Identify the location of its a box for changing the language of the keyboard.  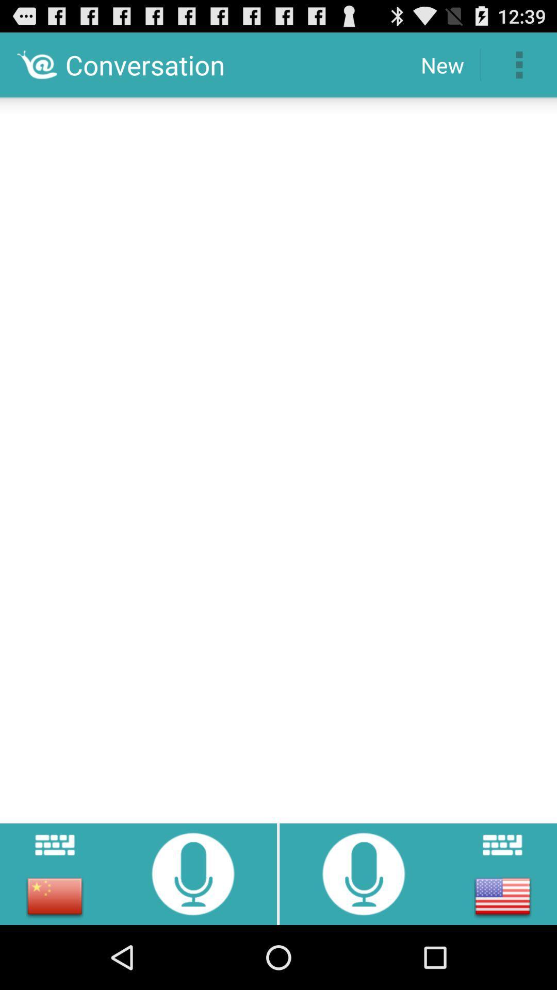
(55, 896).